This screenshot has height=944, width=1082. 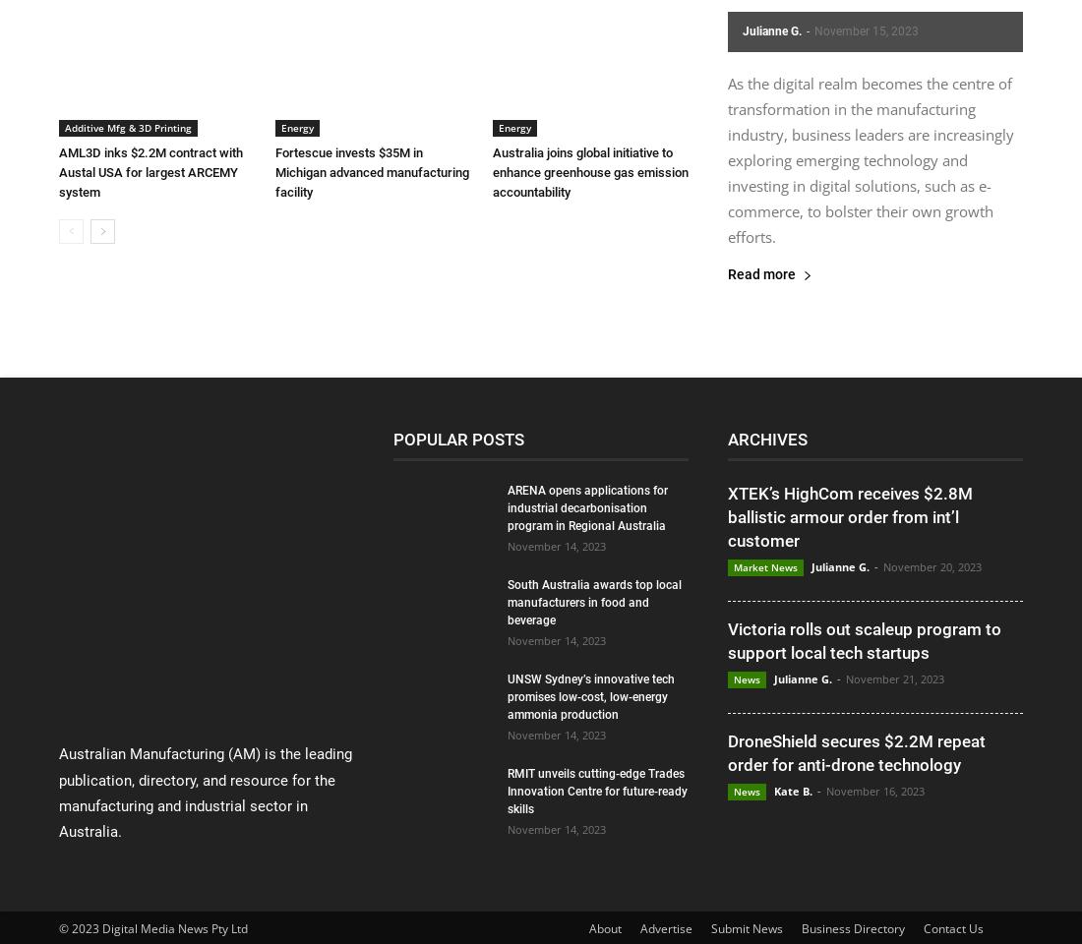 What do you see at coordinates (855, 751) in the screenshot?
I see `'DroneShield secures $2.2M repeat order for anti-drone technology'` at bounding box center [855, 751].